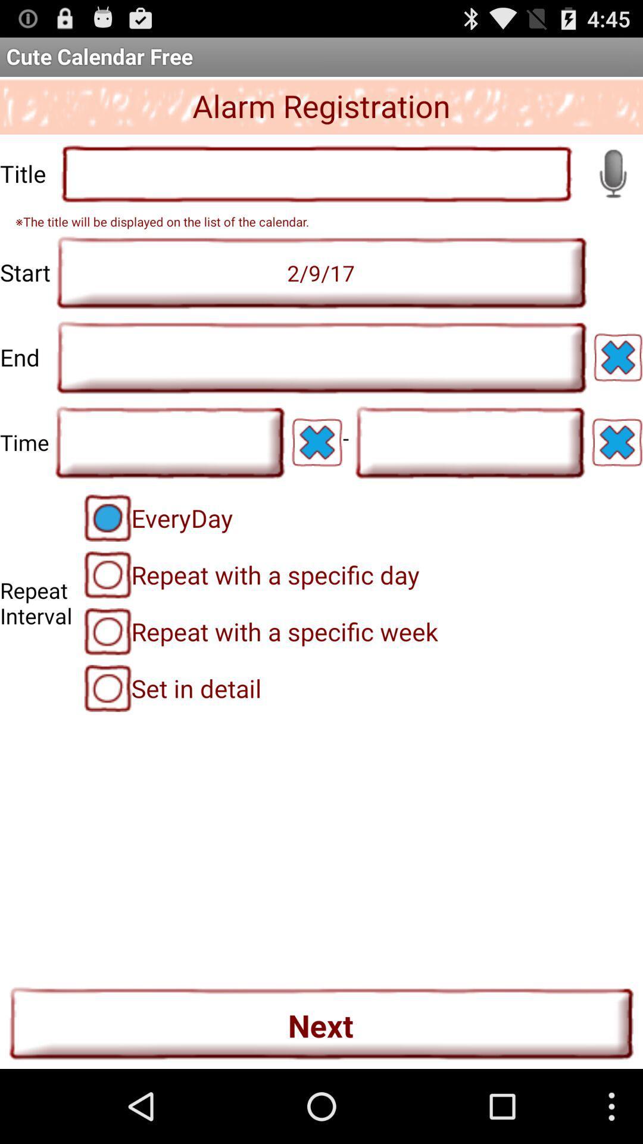 The image size is (643, 1144). I want to click on end date, so click(321, 357).